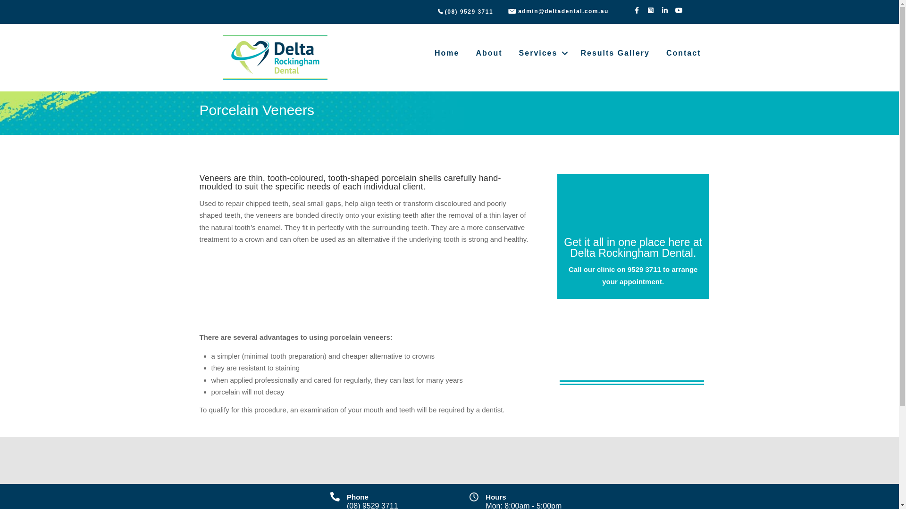  I want to click on 'veneers6', so click(632, 355).